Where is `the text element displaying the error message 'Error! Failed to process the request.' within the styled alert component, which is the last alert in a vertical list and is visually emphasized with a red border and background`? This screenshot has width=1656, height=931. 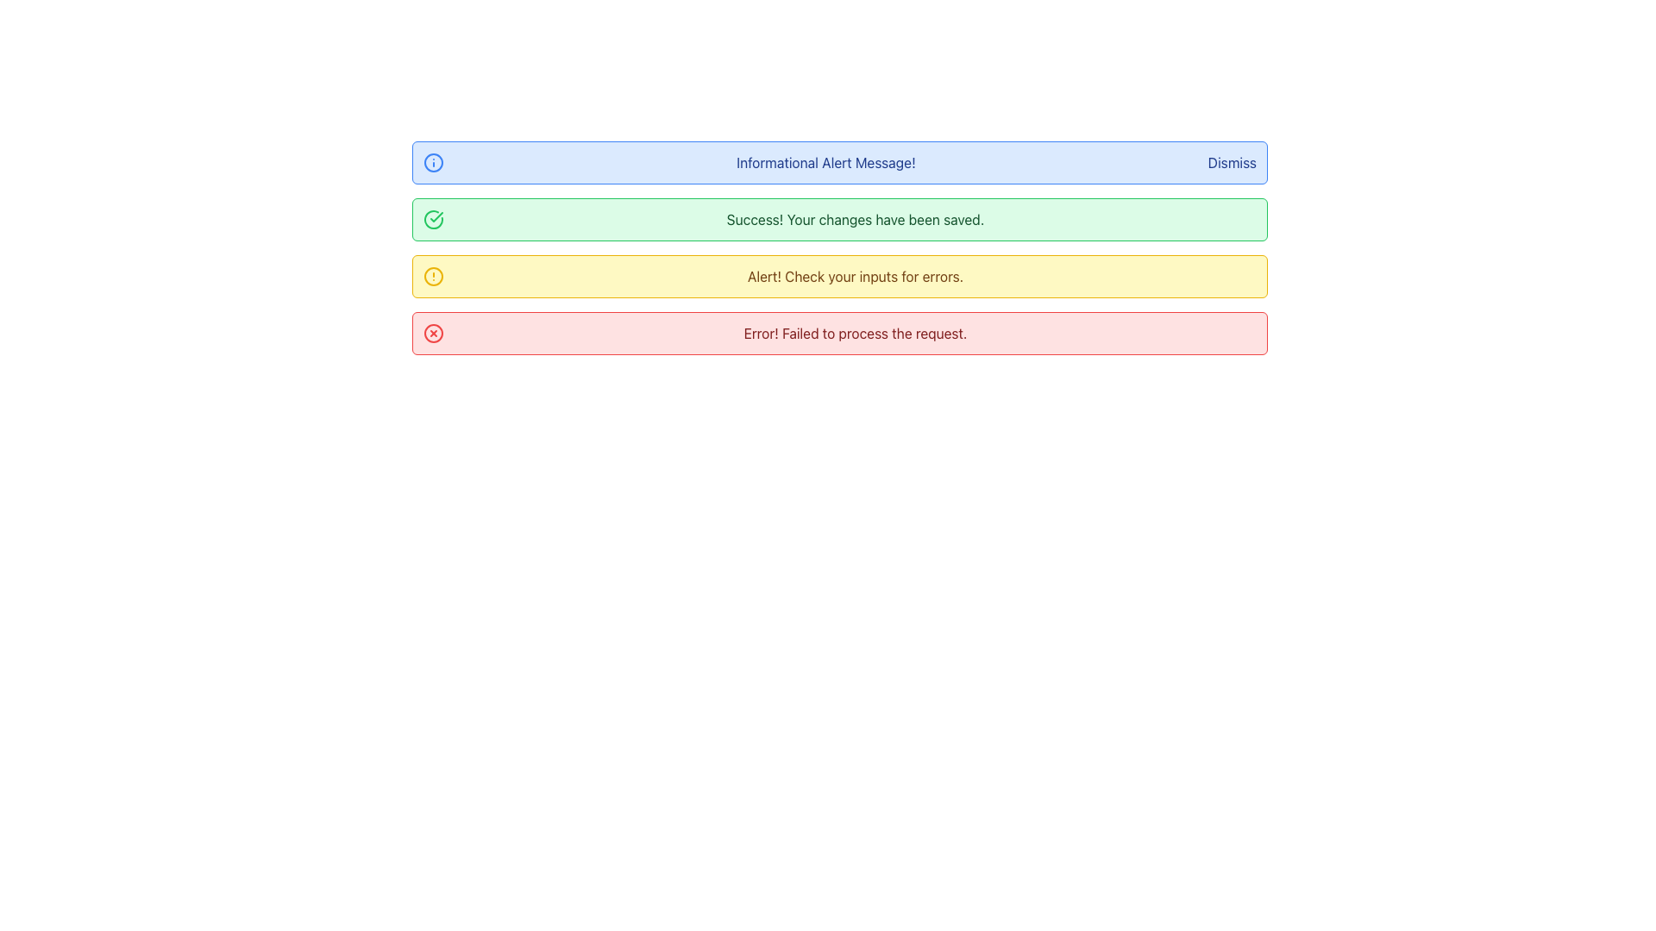 the text element displaying the error message 'Error! Failed to process the request.' within the styled alert component, which is the last alert in a vertical list and is visually emphasized with a red border and background is located at coordinates (856, 333).